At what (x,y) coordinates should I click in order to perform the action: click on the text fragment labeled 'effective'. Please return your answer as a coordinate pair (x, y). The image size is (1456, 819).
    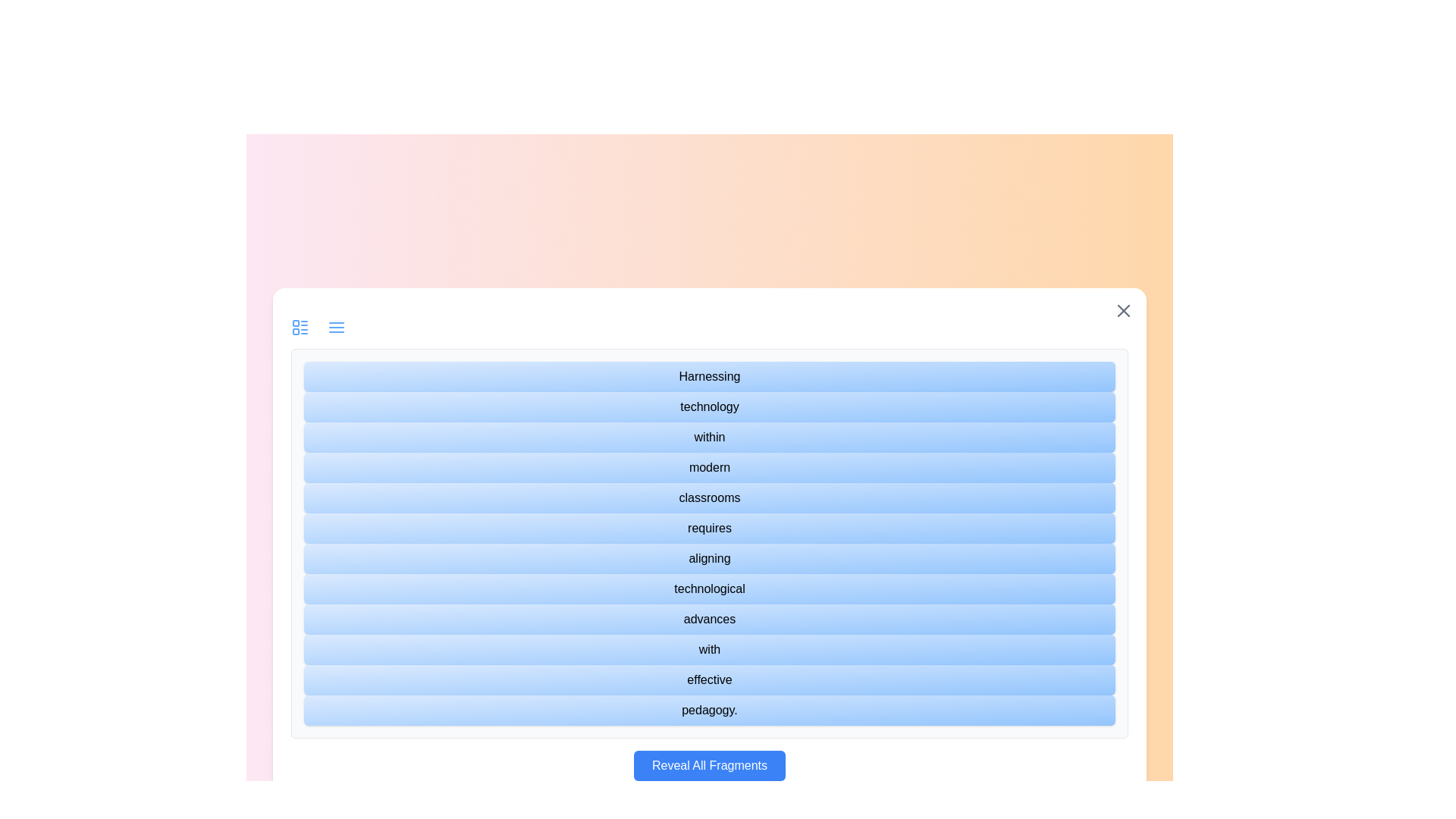
    Looking at the image, I should click on (709, 679).